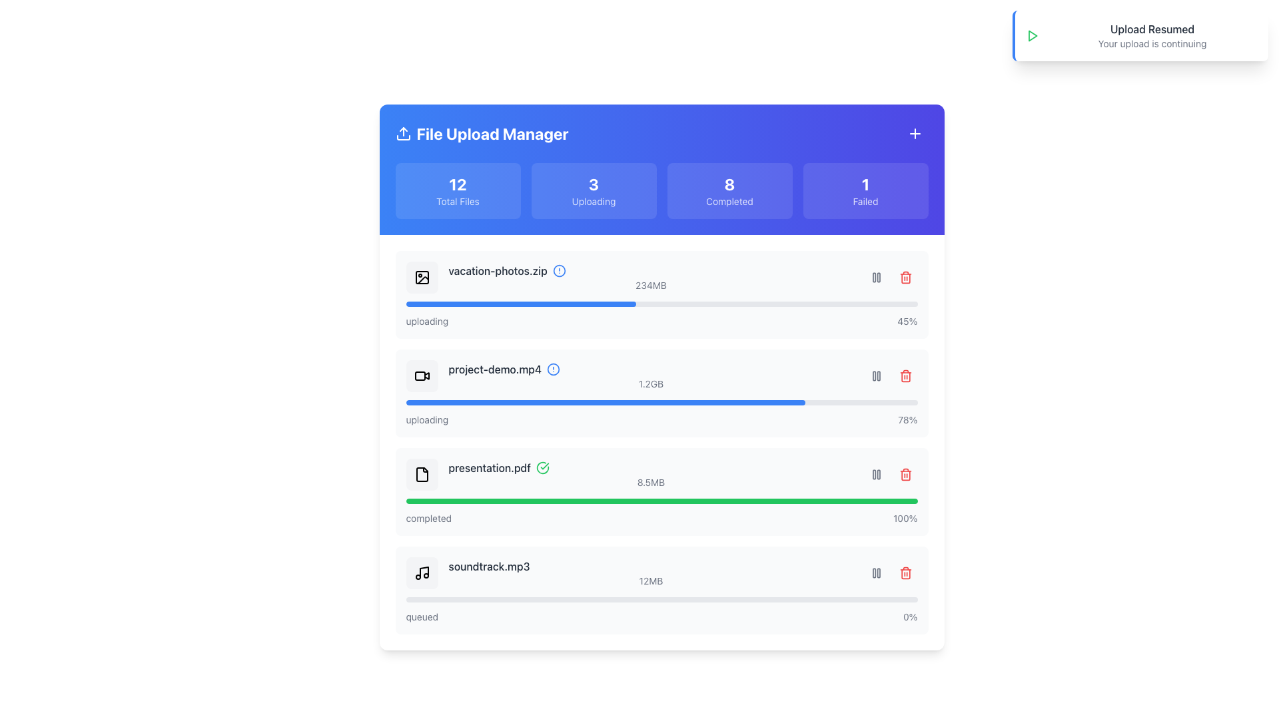 The image size is (1279, 719). I want to click on the Text display element that indicates the count of completed files or tasks in the application, located in the 'Completed' box at the top section of the interface, so click(729, 184).